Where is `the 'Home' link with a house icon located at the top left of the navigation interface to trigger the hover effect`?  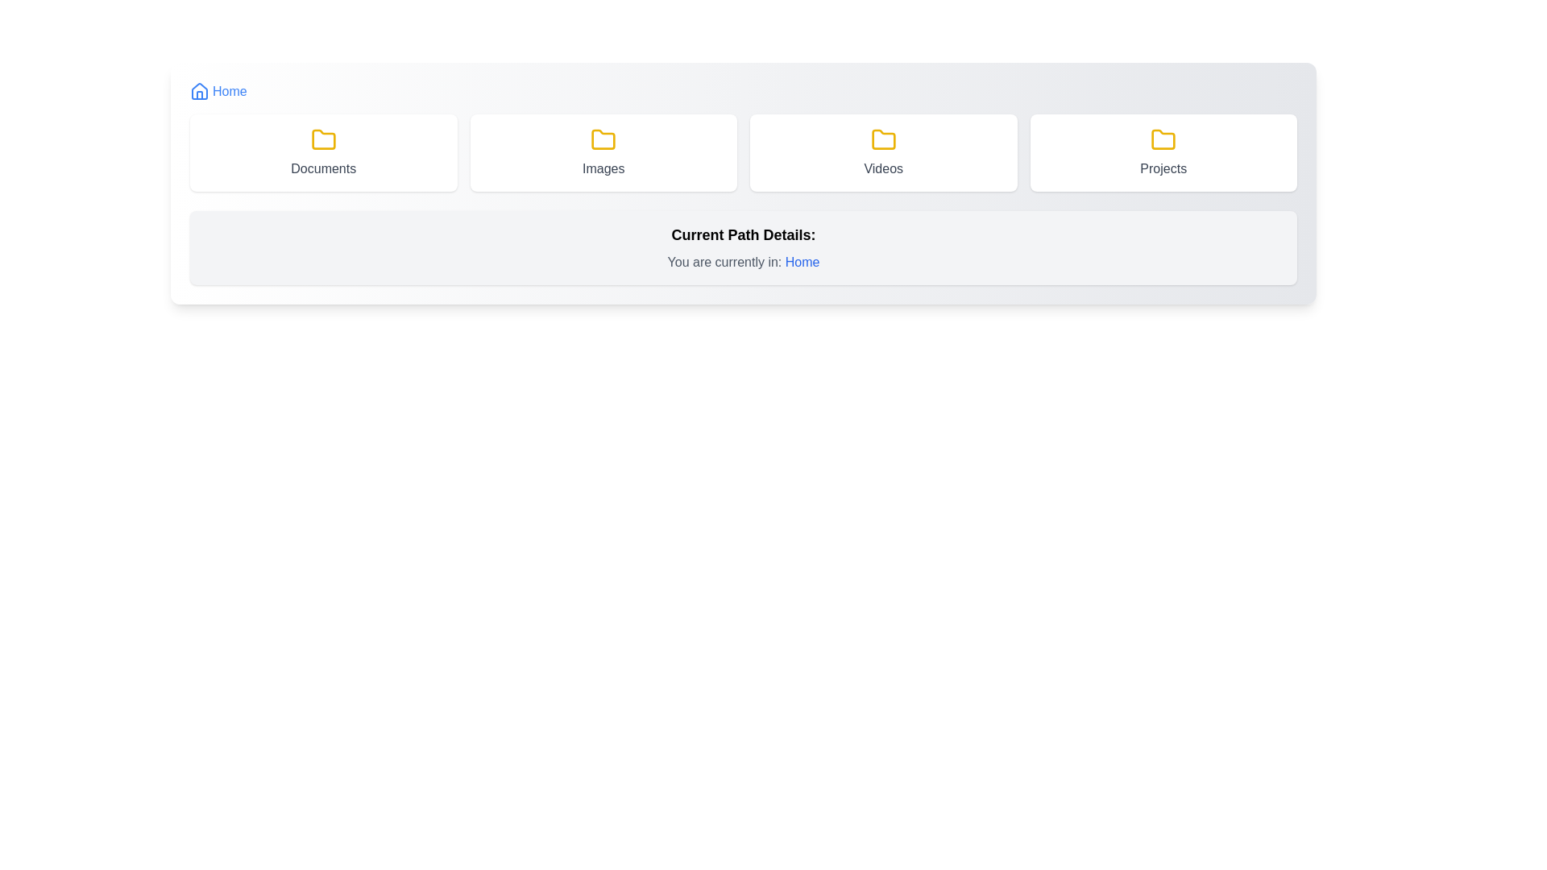
the 'Home' link with a house icon located at the top left of the navigation interface to trigger the hover effect is located at coordinates (218, 92).